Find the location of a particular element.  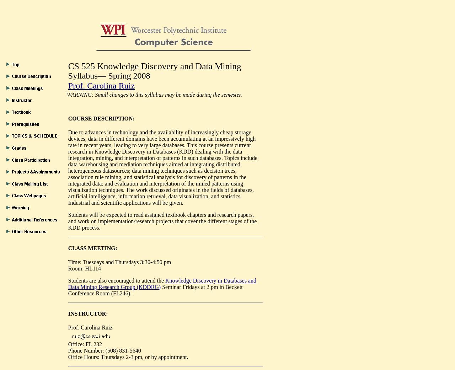

'WARNING: Small changes to this syllabus may be made during the semester.' is located at coordinates (154, 94).